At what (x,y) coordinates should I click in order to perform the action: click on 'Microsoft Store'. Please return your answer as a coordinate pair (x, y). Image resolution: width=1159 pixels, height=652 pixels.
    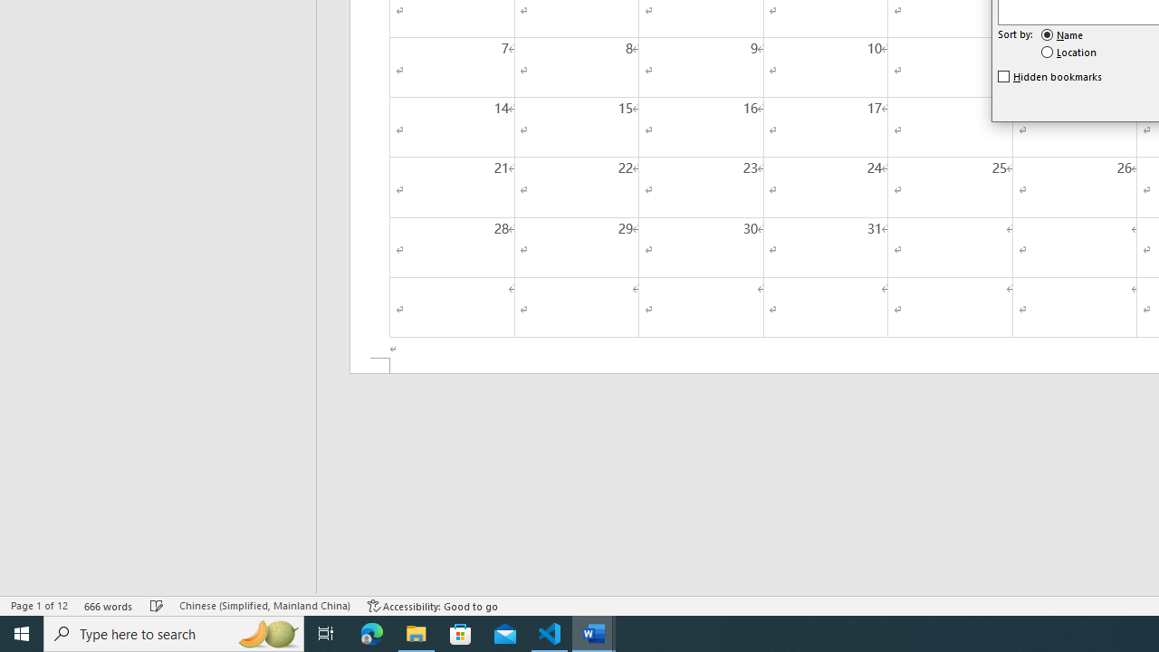
    Looking at the image, I should click on (461, 632).